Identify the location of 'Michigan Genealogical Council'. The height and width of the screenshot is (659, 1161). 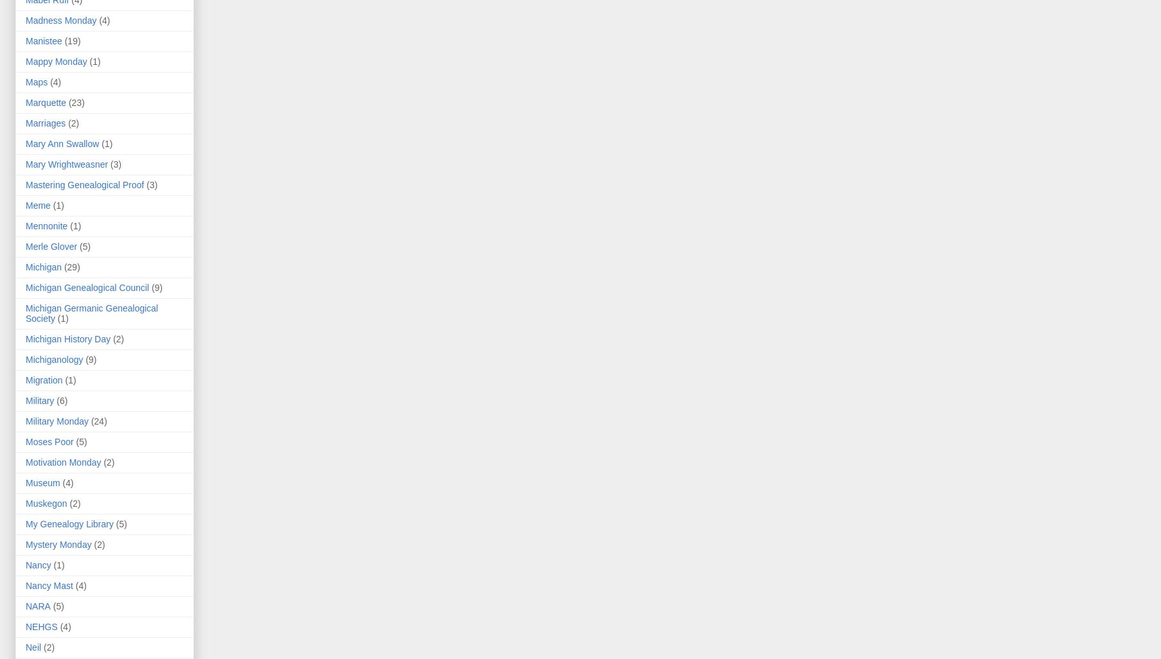
(86, 287).